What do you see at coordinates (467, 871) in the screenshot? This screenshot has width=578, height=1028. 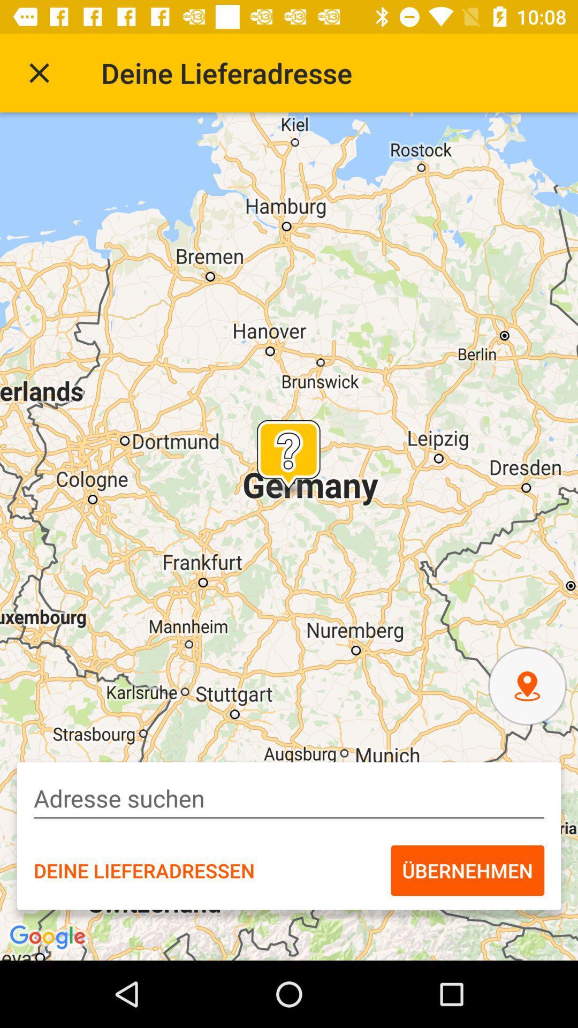 I see `the icon next to deine lieferadressen item` at bounding box center [467, 871].